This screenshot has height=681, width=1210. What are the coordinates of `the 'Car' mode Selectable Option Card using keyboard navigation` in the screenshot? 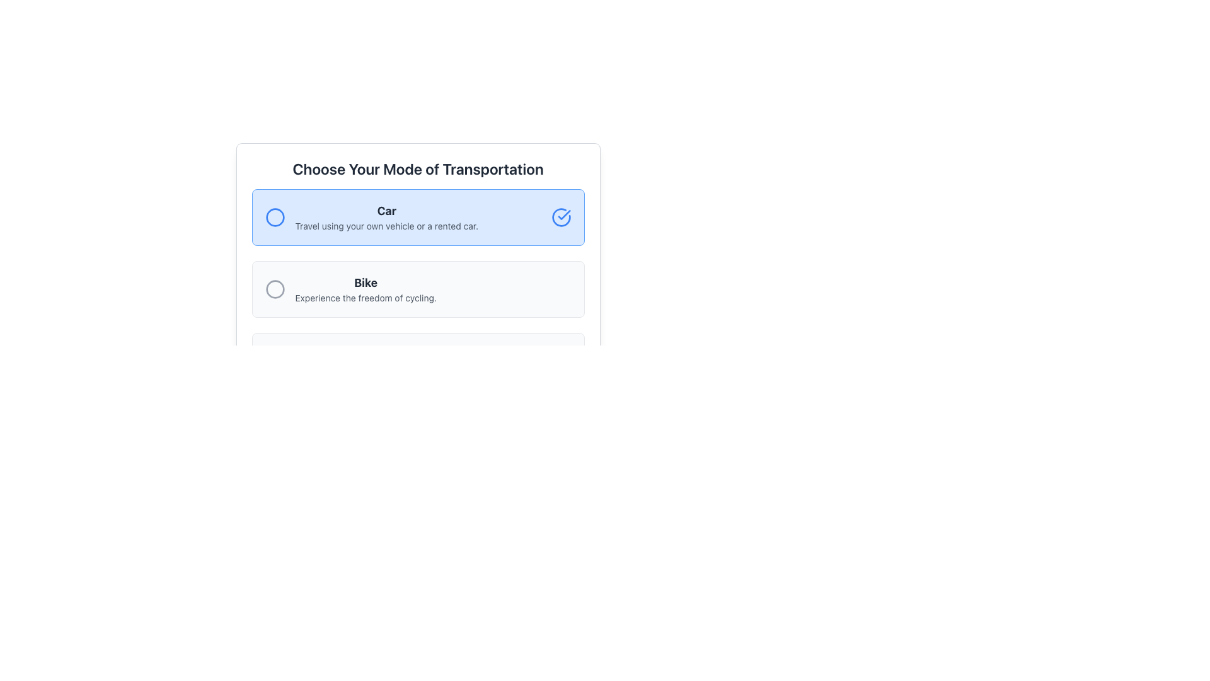 It's located at (418, 216).